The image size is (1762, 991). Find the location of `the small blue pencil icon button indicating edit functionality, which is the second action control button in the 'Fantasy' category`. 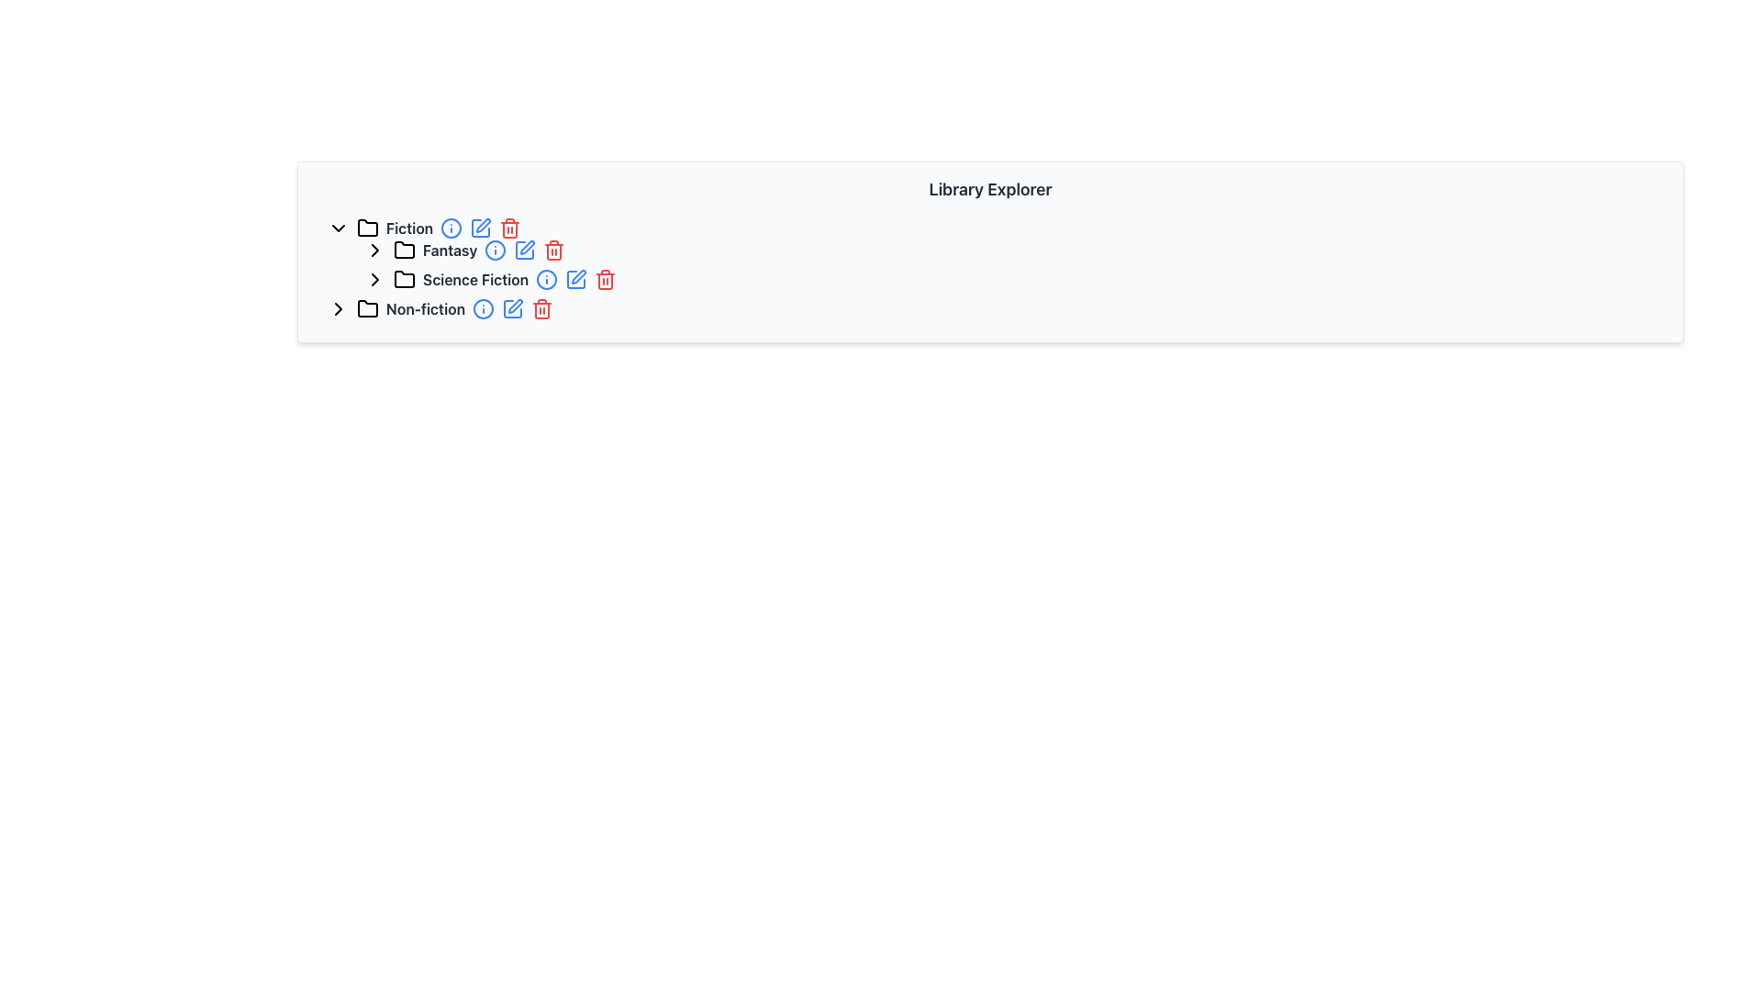

the small blue pencil icon button indicating edit functionality, which is the second action control button in the 'Fantasy' category is located at coordinates (524, 251).